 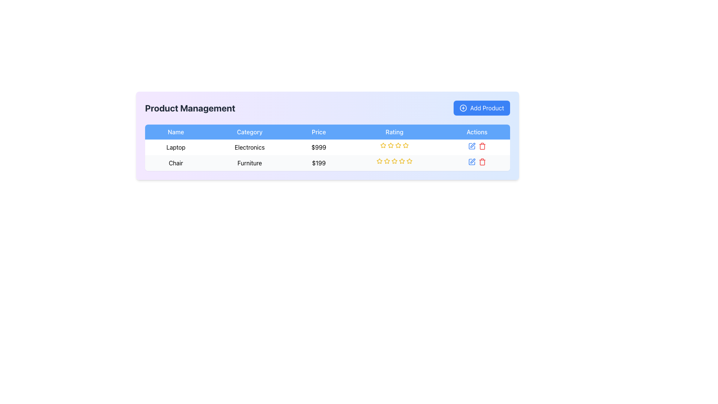 What do you see at coordinates (249, 147) in the screenshot?
I see `text label displaying 'Electronics' located in the second column of the first row in the table, positioned centrally between 'Laptop' and '$999'` at bounding box center [249, 147].